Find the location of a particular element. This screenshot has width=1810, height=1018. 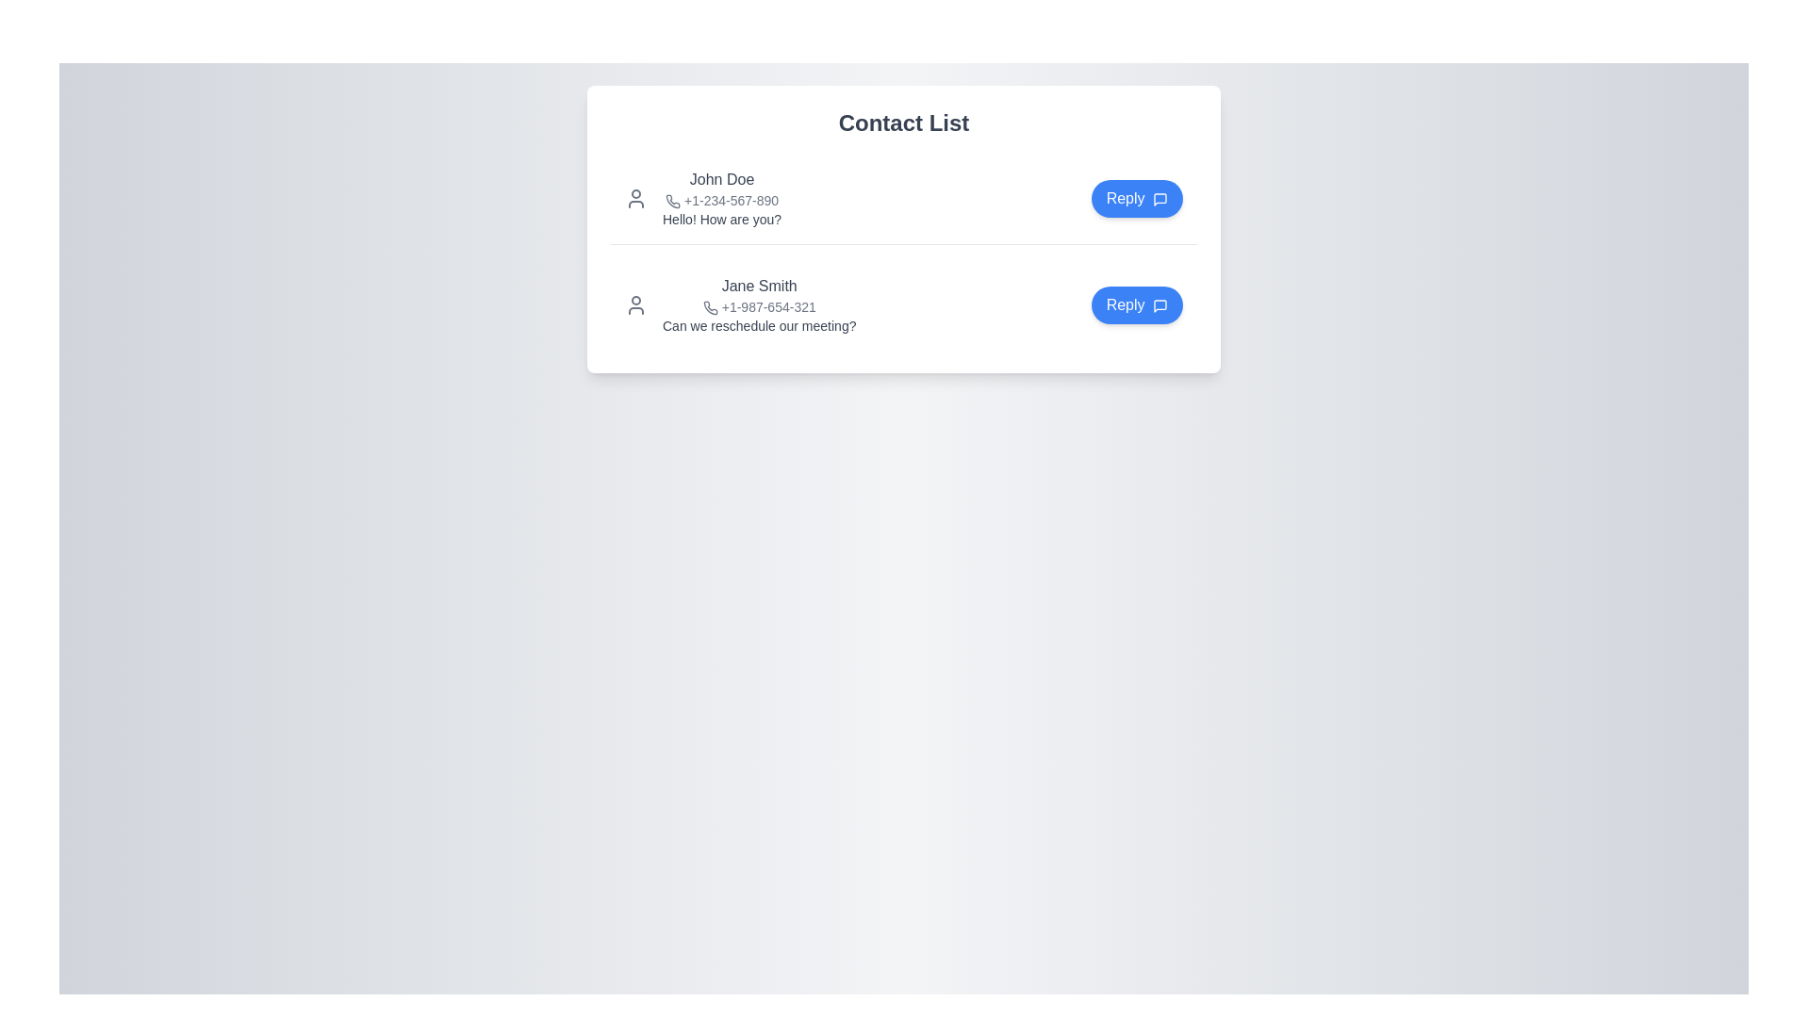

the phone icon styled with a rounded design, which is positioned to the left of John Doe's contact information in the 'Contact List' is located at coordinates (673, 202).